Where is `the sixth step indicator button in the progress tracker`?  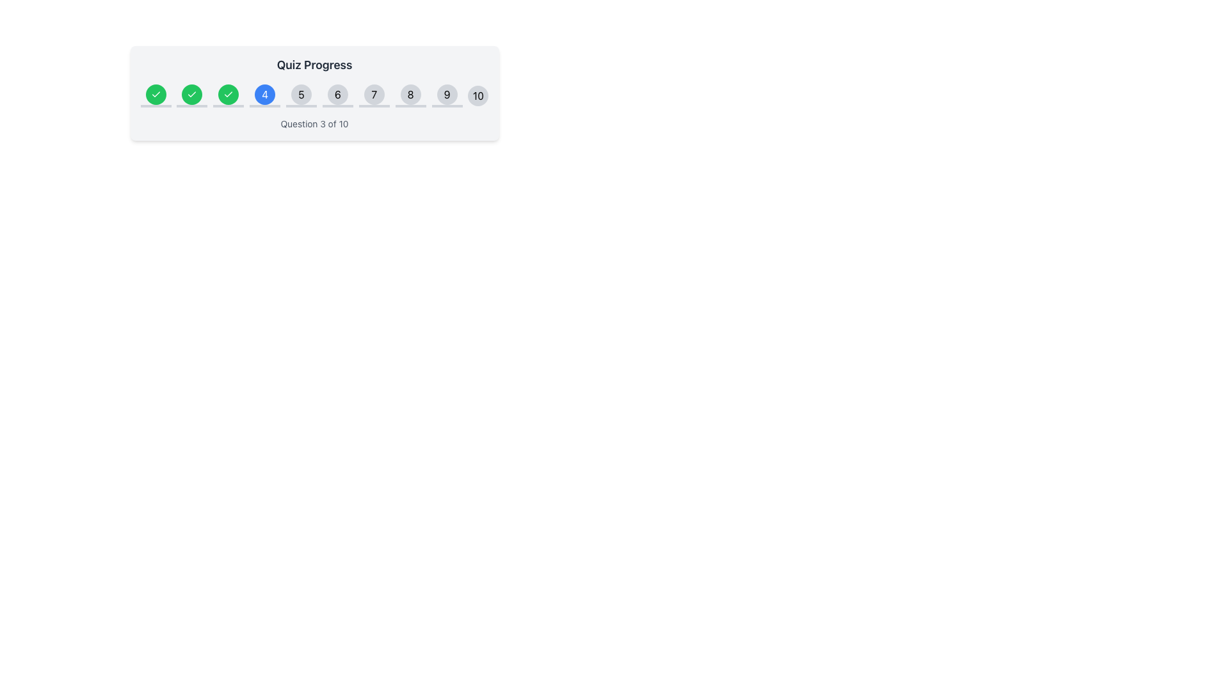 the sixth step indicator button in the progress tracker is located at coordinates (337, 95).